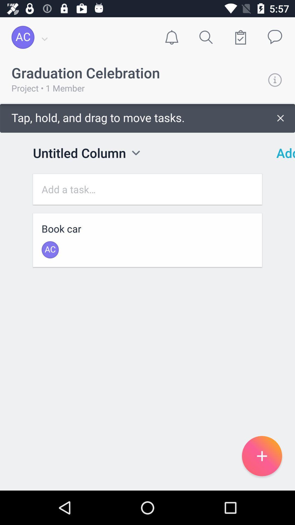  Describe the element at coordinates (147, 189) in the screenshot. I see `a task` at that location.